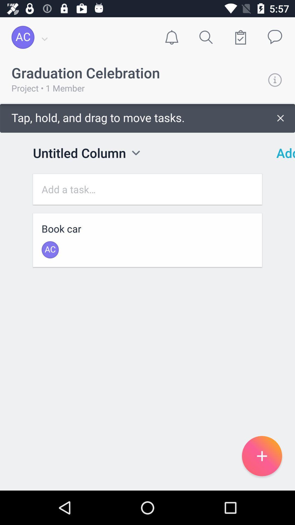  Describe the element at coordinates (147, 189) in the screenshot. I see `a task` at that location.